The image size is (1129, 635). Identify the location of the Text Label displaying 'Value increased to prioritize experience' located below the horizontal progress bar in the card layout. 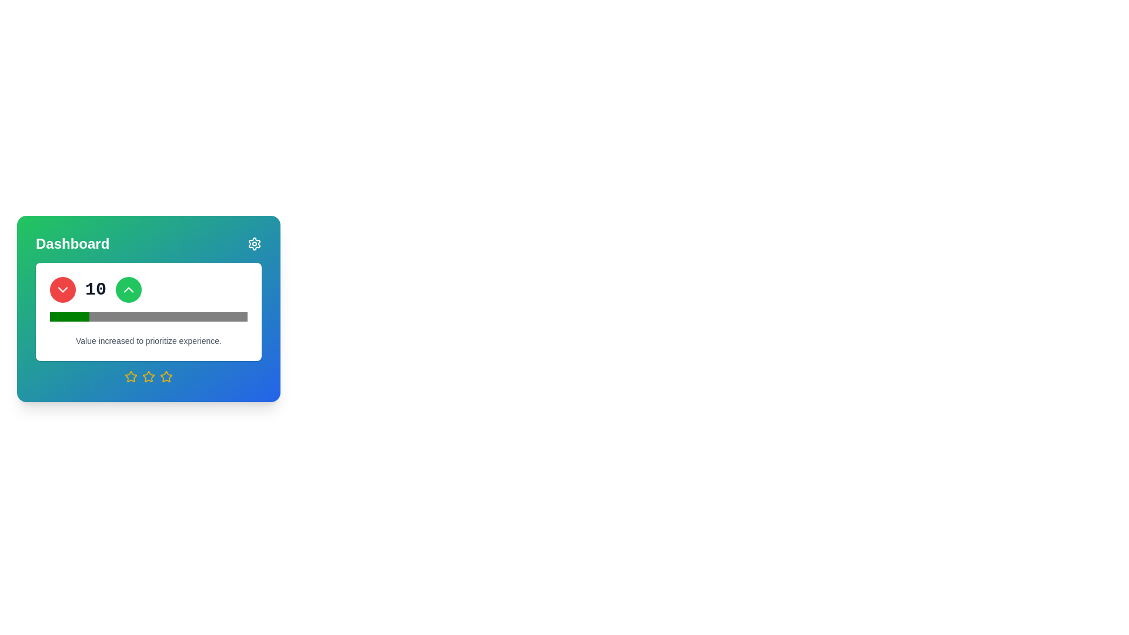
(148, 340).